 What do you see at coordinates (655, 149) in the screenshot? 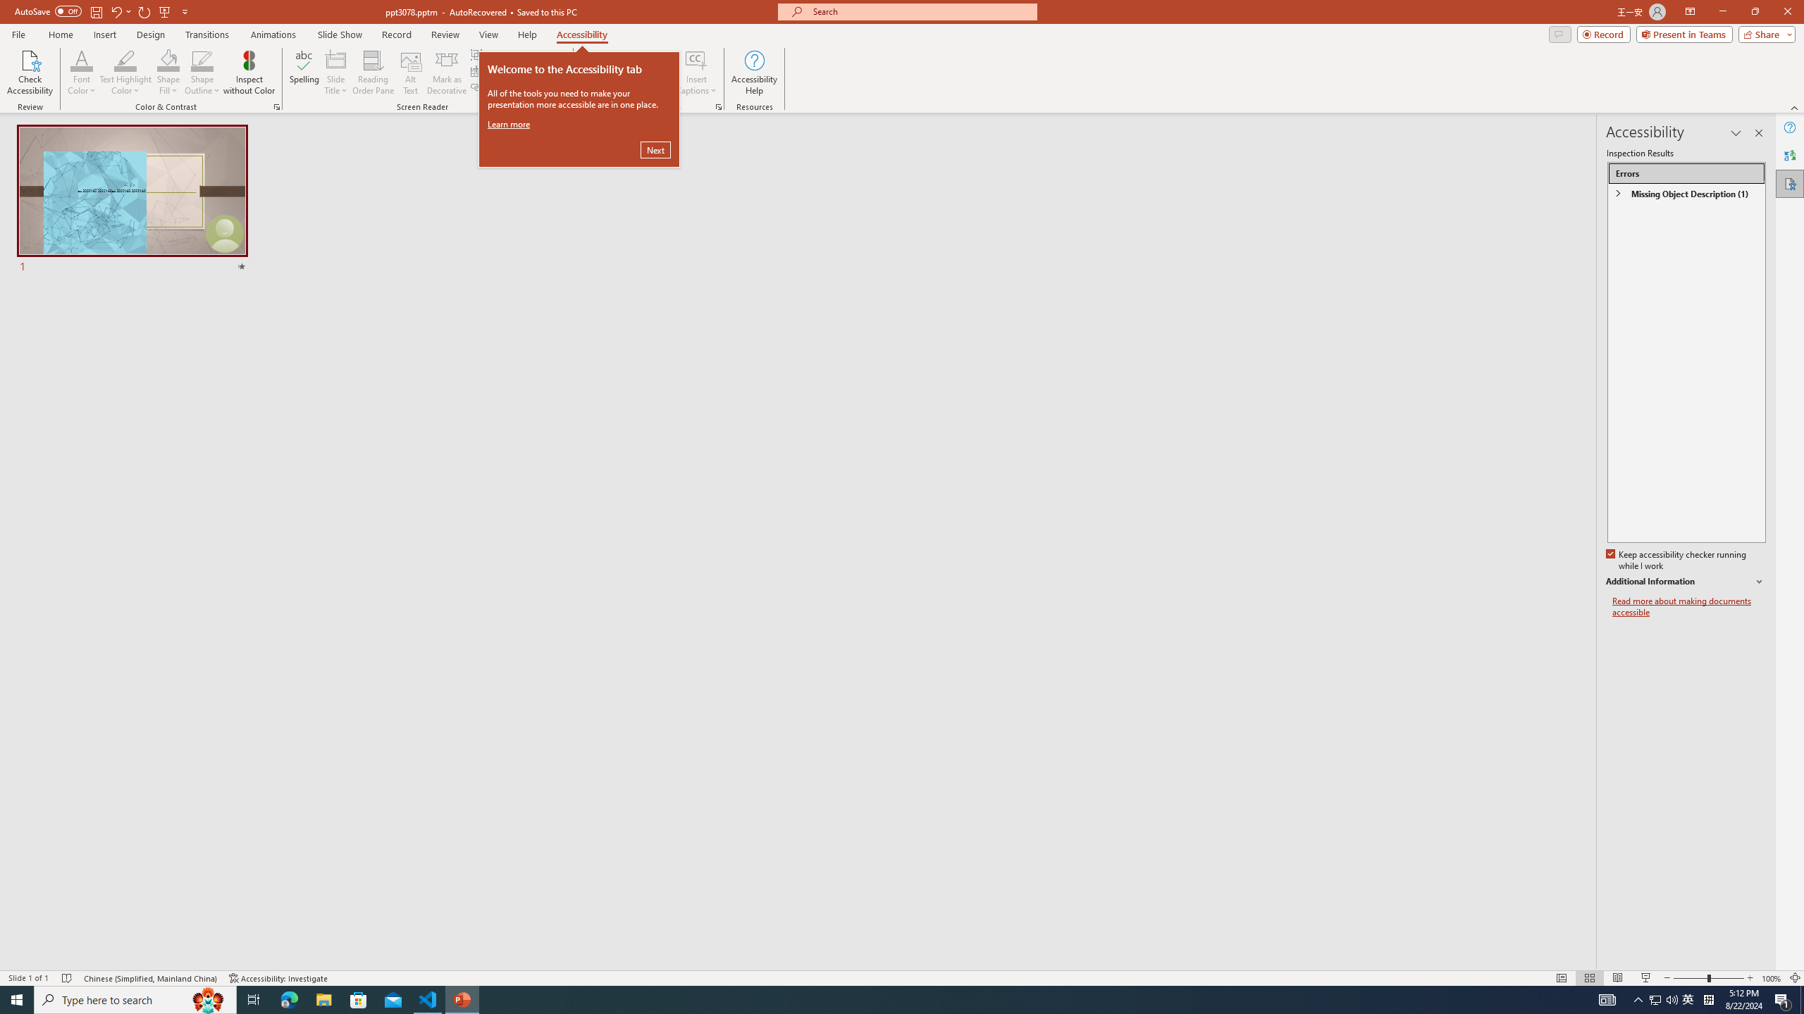
I see `'Next'` at bounding box center [655, 149].